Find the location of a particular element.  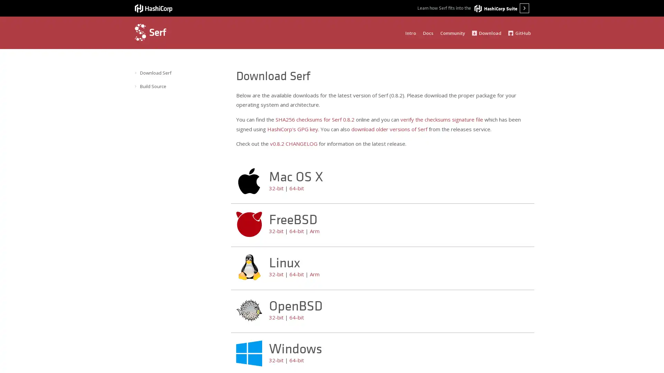

HashiCorp Logo HashiCorp Suite Open is located at coordinates (501, 8).